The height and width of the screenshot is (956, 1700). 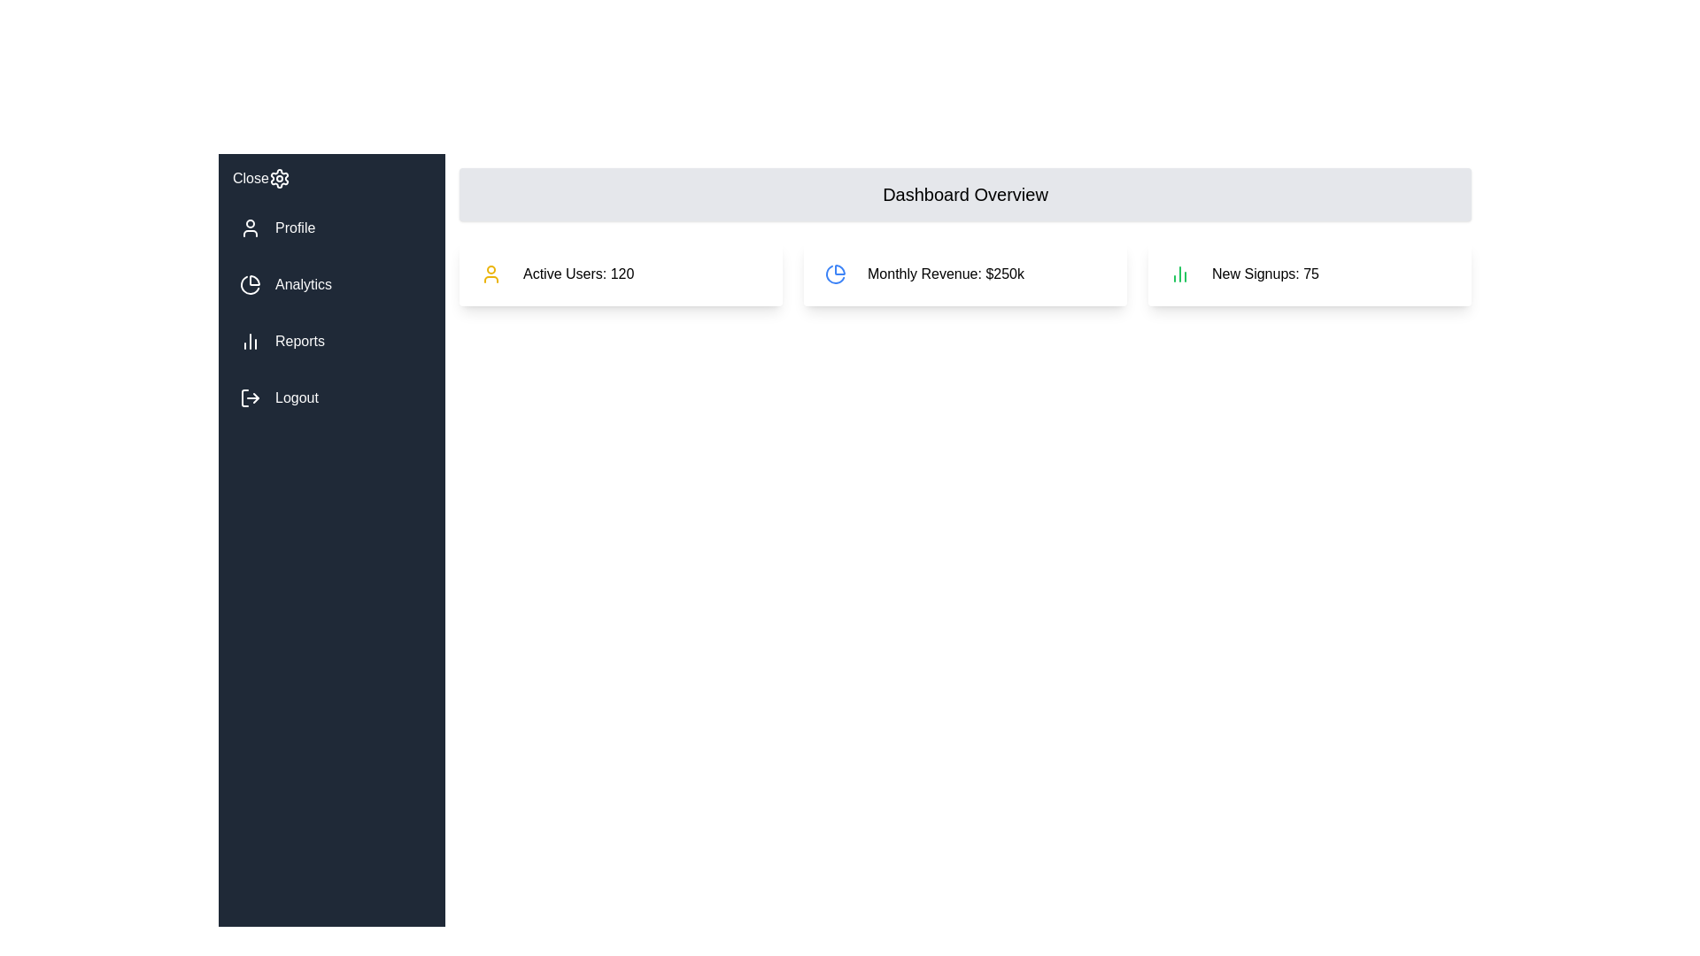 I want to click on the right-facing arrow component of the SVG logout icon located in the lower section of the left sidebar, so click(x=255, y=398).